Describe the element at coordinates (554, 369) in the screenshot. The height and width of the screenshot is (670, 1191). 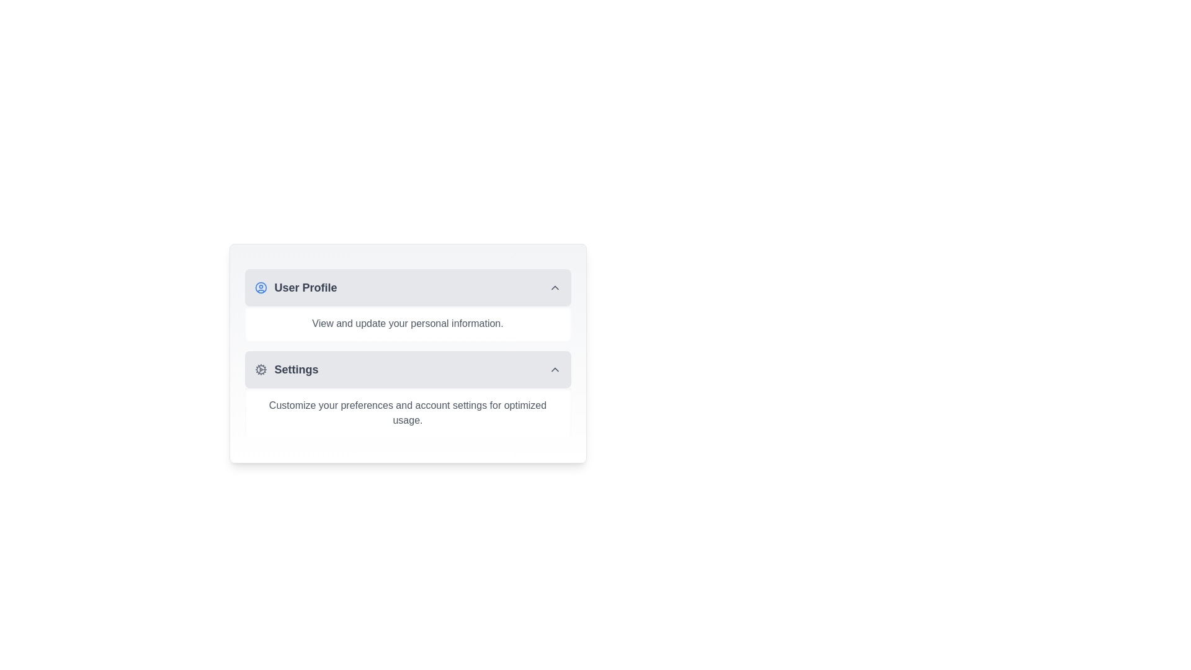
I see `the chevron icon located within the 'Settings' section` at that location.